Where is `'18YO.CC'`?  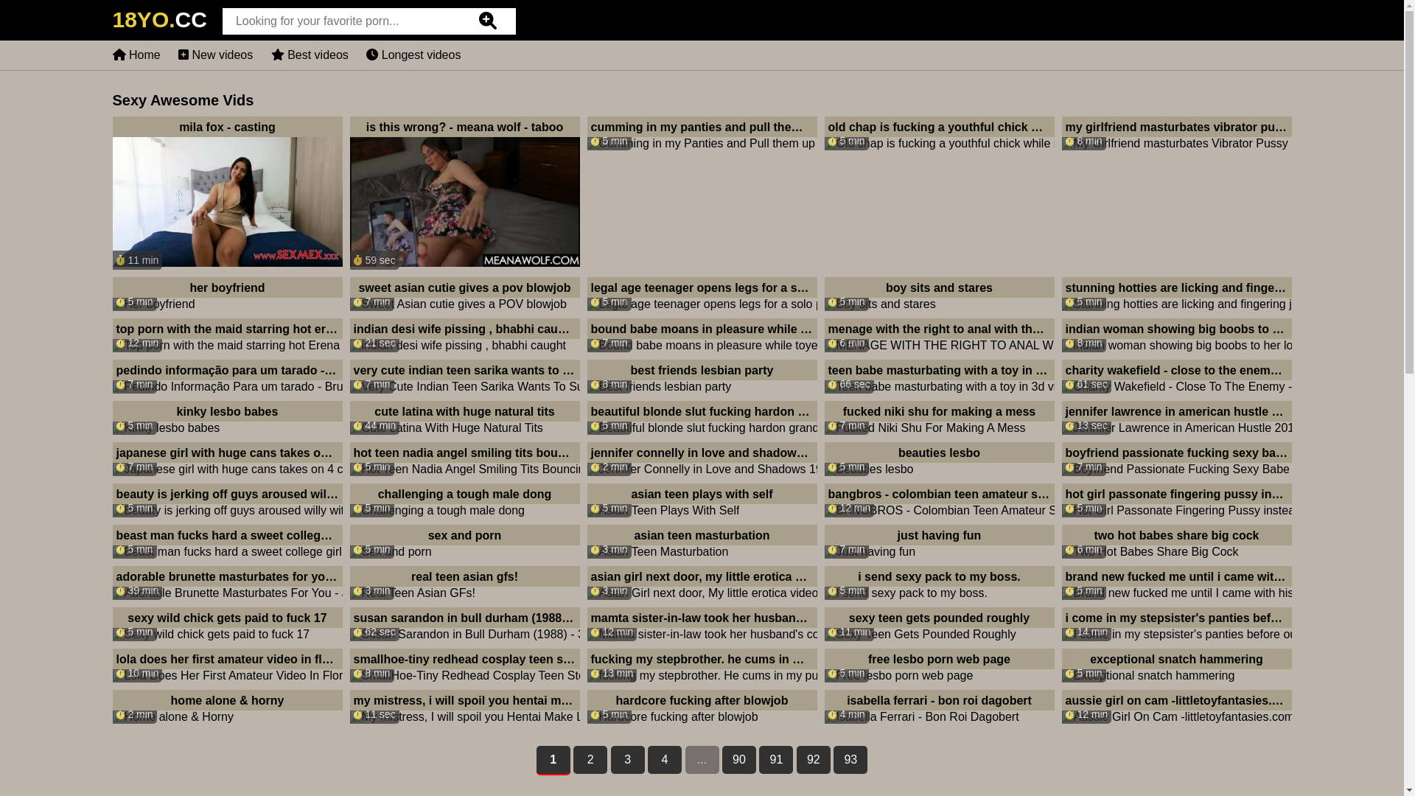 '18YO.CC' is located at coordinates (159, 24).